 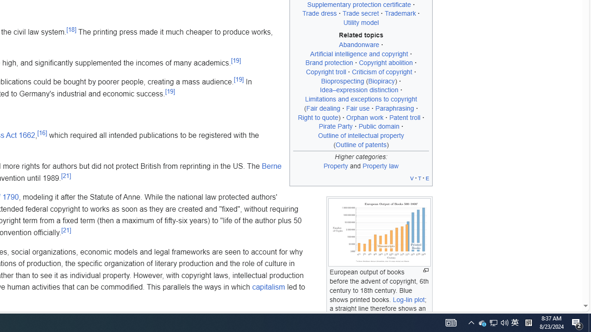 What do you see at coordinates (381, 80) in the screenshot?
I see `'(Biopiracy)'` at bounding box center [381, 80].